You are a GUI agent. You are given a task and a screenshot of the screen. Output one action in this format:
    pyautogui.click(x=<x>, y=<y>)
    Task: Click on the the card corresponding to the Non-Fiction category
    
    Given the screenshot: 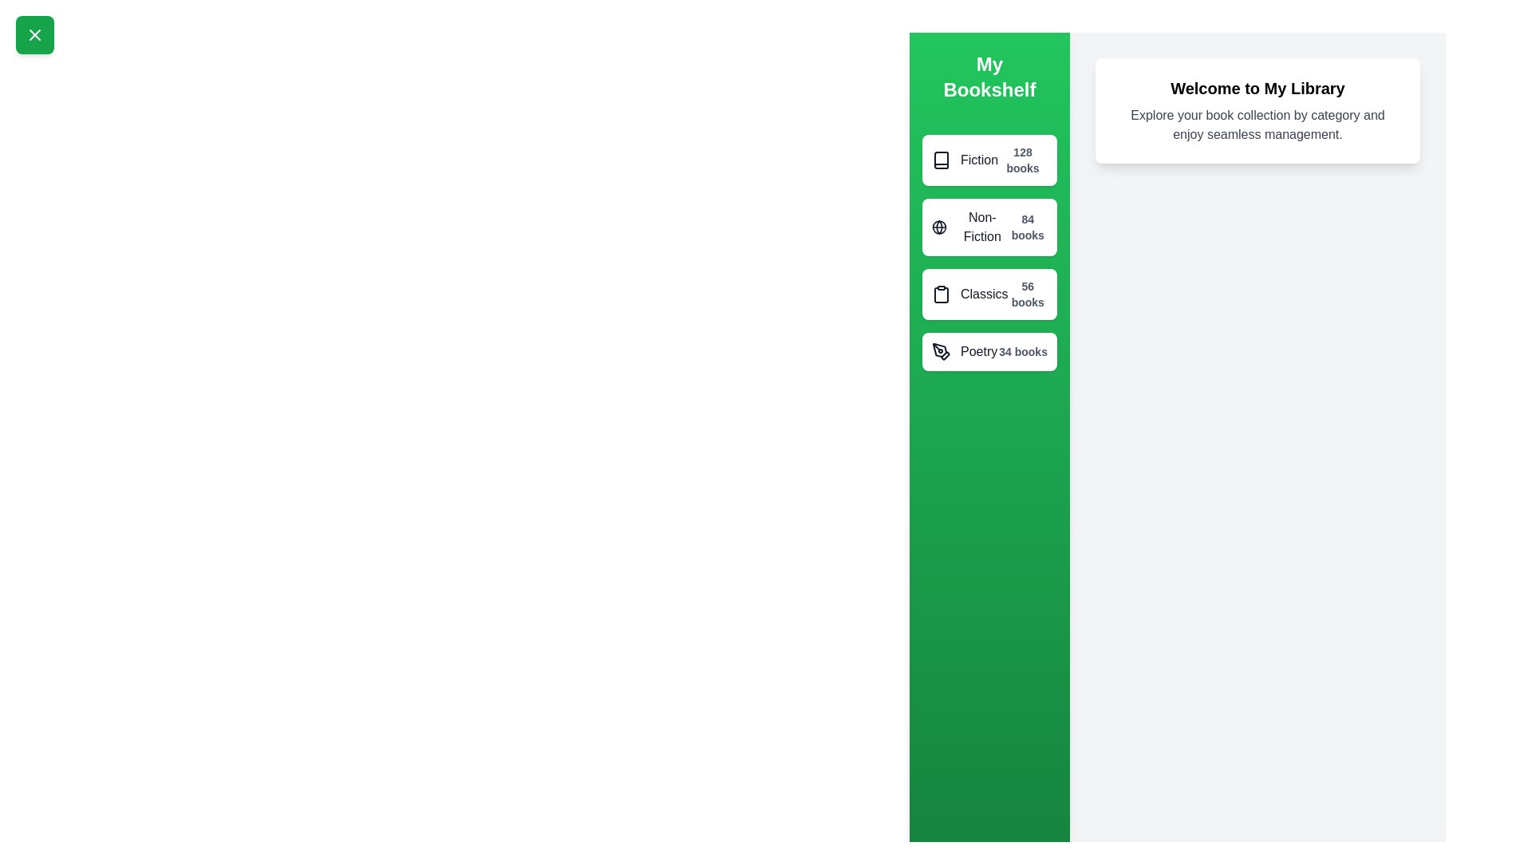 What is the action you would take?
    pyautogui.click(x=988, y=227)
    